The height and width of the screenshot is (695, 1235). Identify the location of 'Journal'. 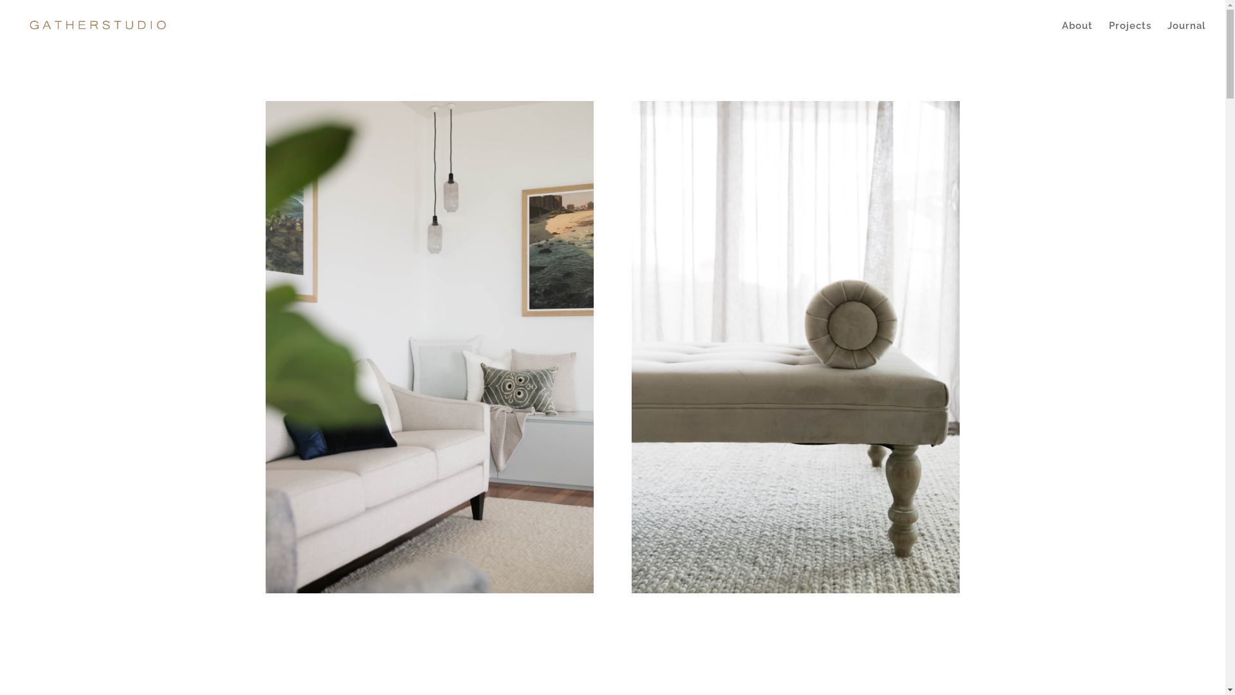
(1185, 35).